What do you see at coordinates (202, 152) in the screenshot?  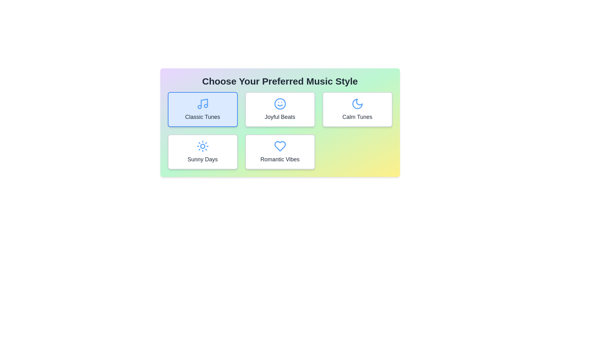 I see `the 'Sunny Days' selection button located in the bottom-left quadrant of the grid layout` at bounding box center [202, 152].